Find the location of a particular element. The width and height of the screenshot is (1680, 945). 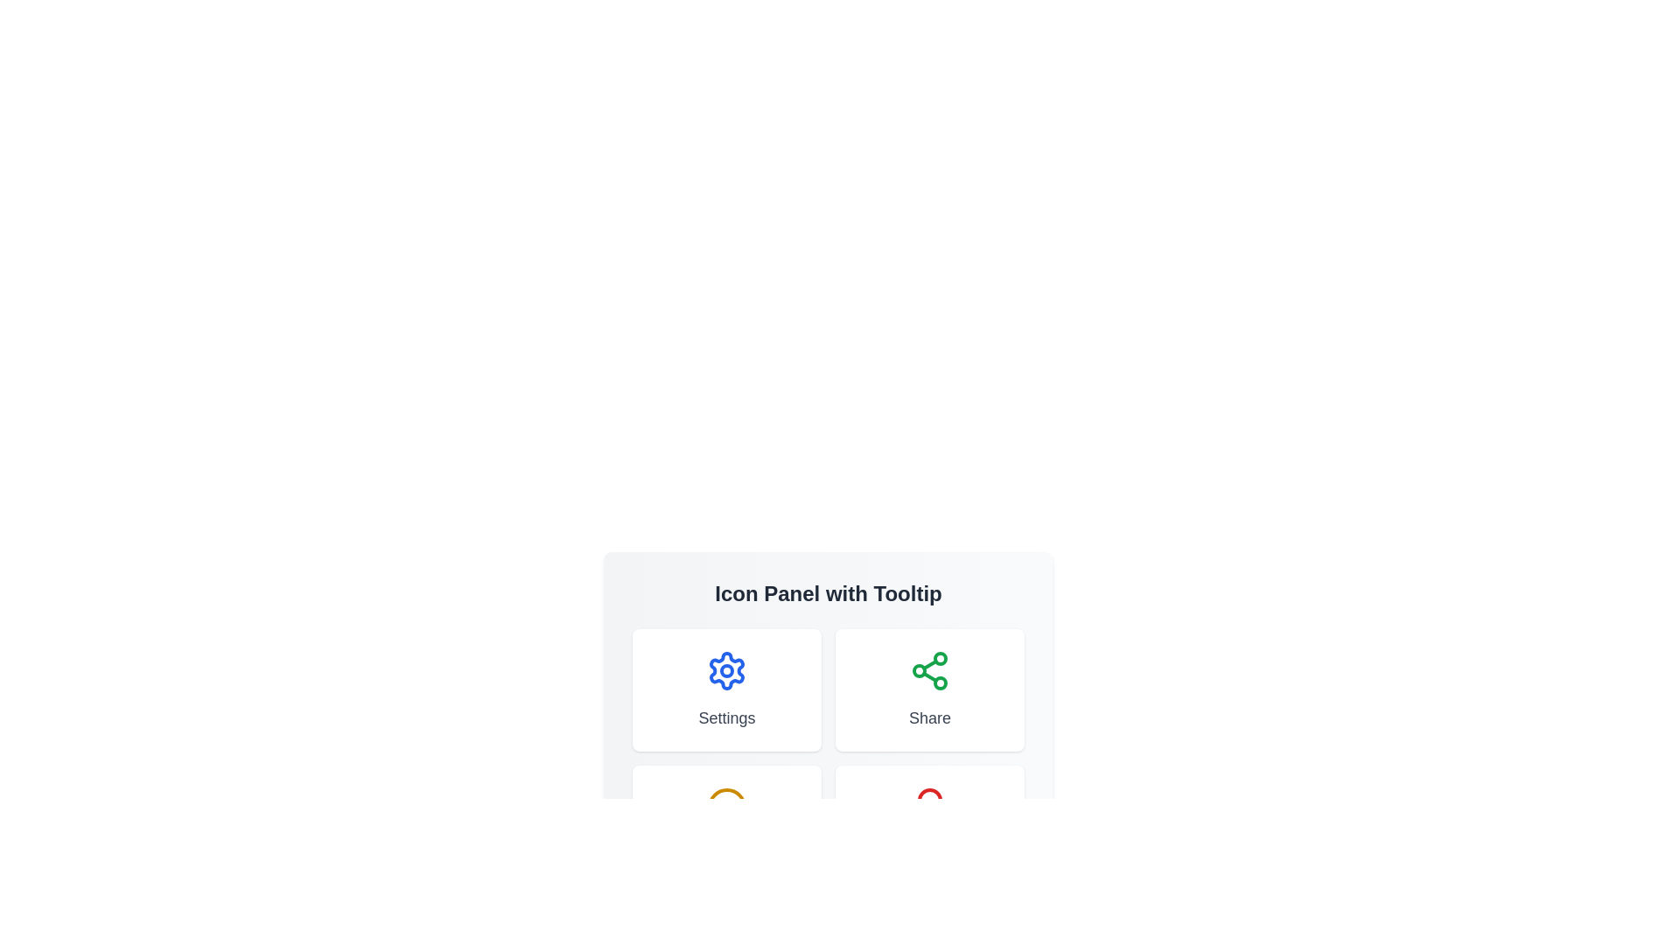

the topmost circle of the share icon, which is the second icon in the top row of a grid layout below the heading 'Icon Panel with Tooltip' is located at coordinates (940, 658).